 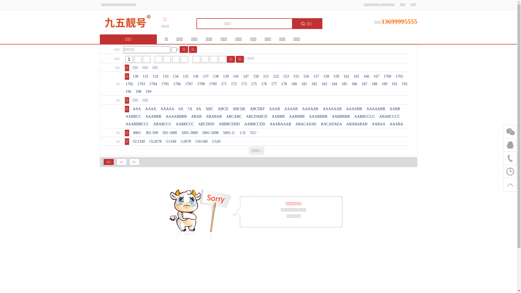 What do you see at coordinates (133, 116) in the screenshot?
I see `'AABBCC'` at bounding box center [133, 116].